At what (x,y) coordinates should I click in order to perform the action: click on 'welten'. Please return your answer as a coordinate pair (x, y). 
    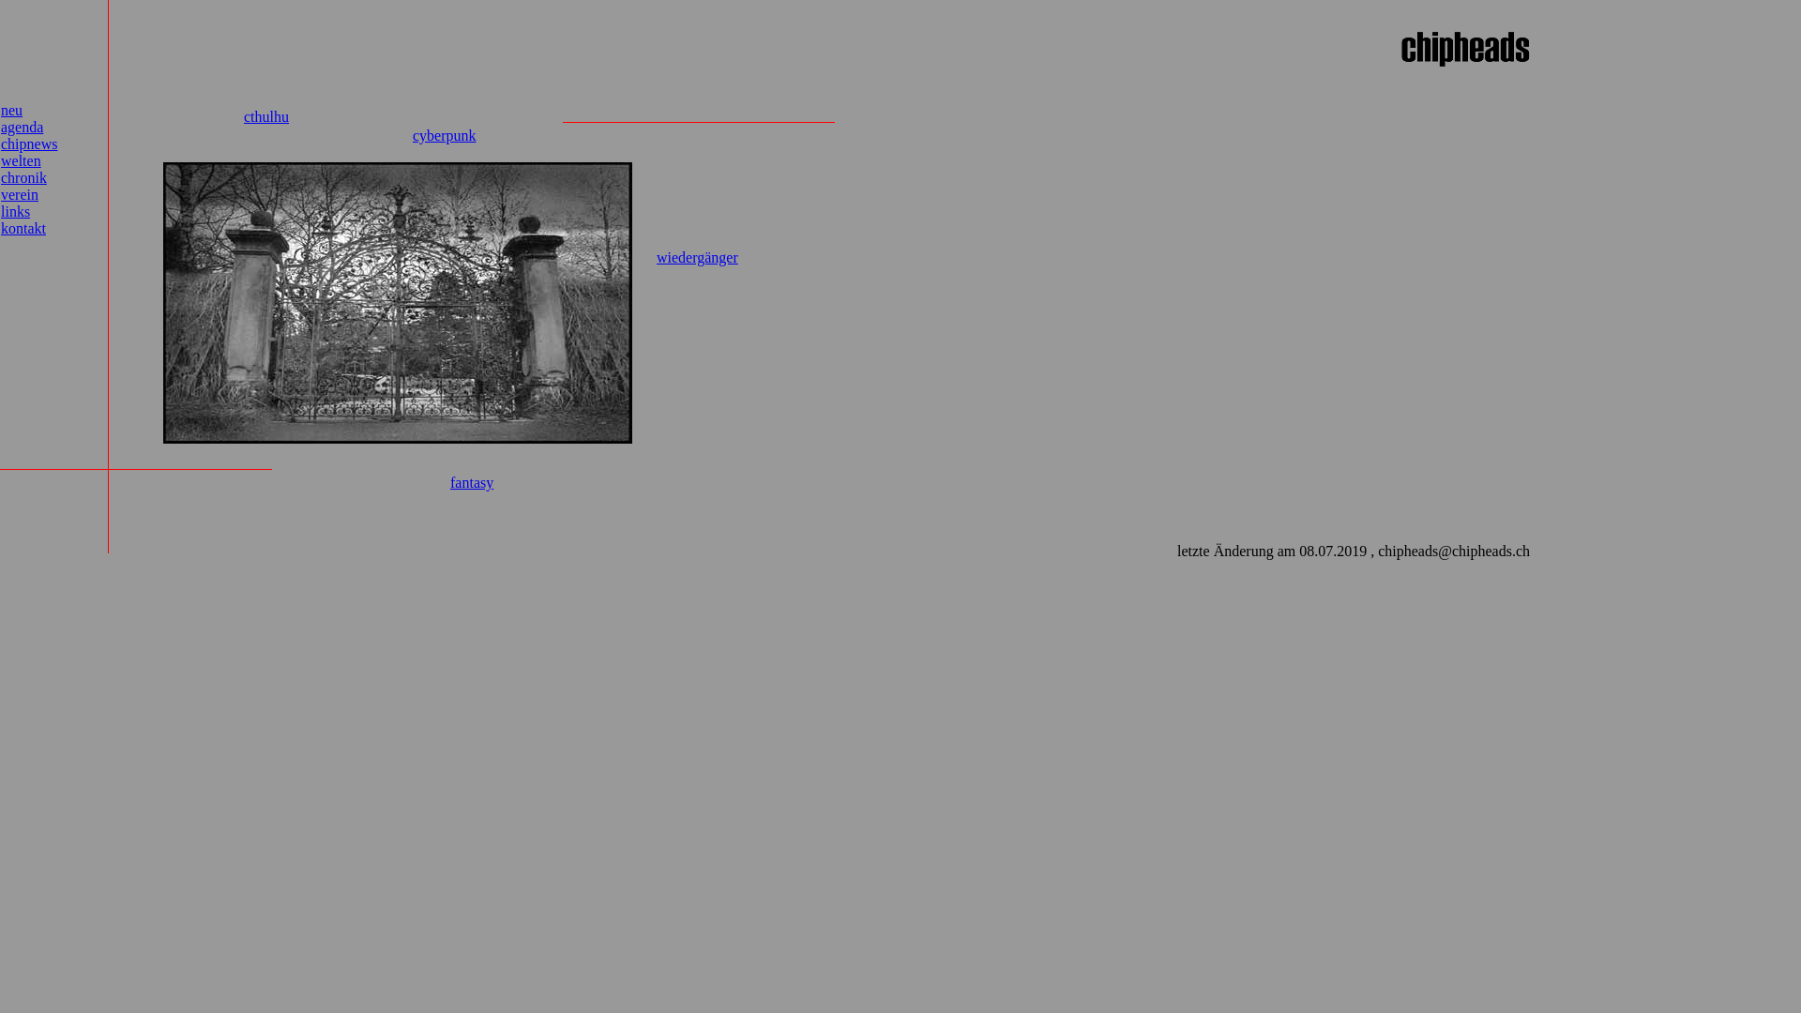
    Looking at the image, I should click on (21, 159).